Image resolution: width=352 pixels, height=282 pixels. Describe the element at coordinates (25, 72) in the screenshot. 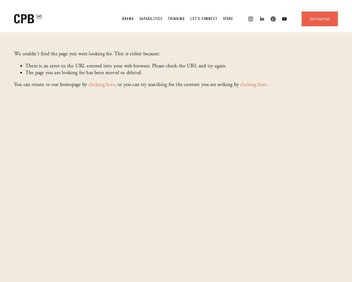

I see `'The page you are looking for has been moved or deleted.'` at that location.